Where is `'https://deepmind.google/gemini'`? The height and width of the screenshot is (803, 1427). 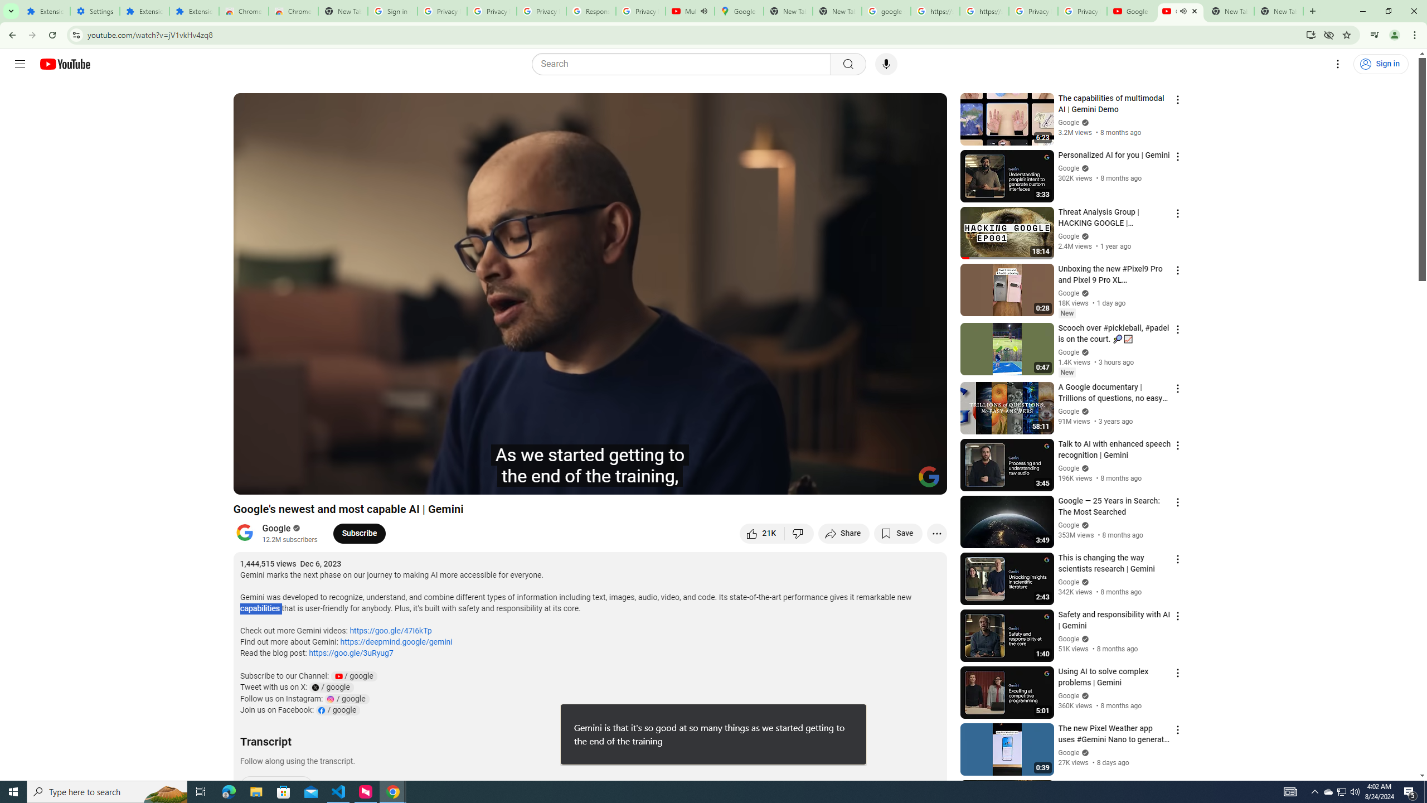 'https://deepmind.google/gemini' is located at coordinates (395, 642).